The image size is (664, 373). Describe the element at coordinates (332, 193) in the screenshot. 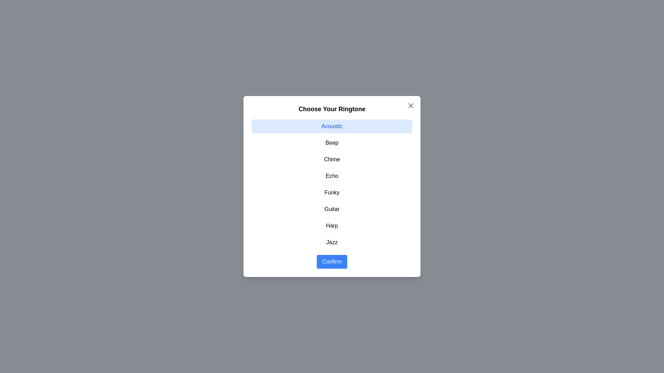

I see `the item Funky in the list` at that location.